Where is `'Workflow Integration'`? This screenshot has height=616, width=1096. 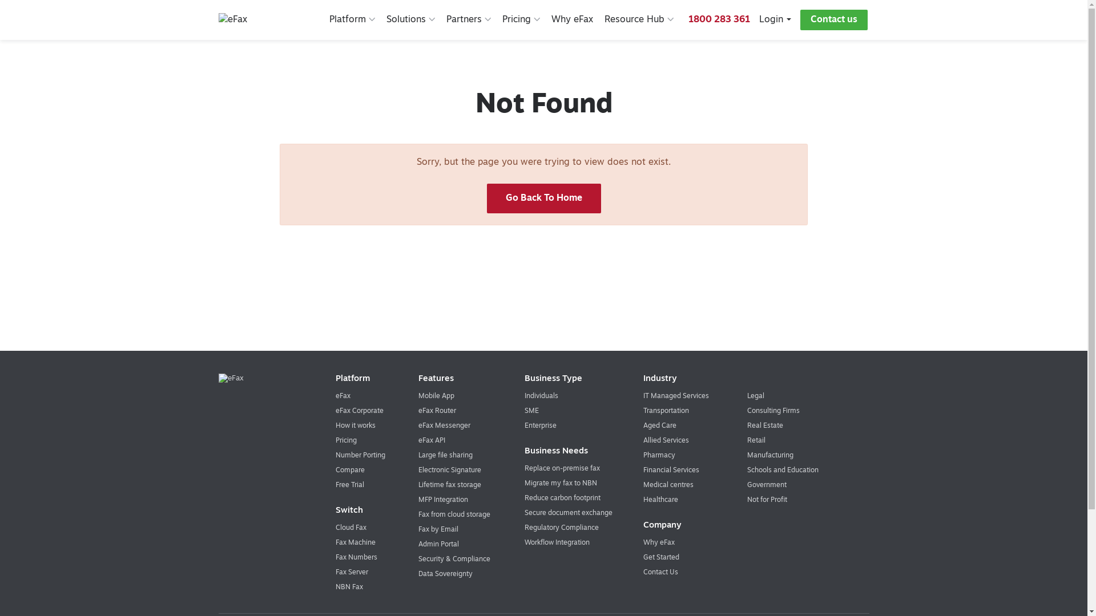
'Workflow Integration' is located at coordinates (523, 542).